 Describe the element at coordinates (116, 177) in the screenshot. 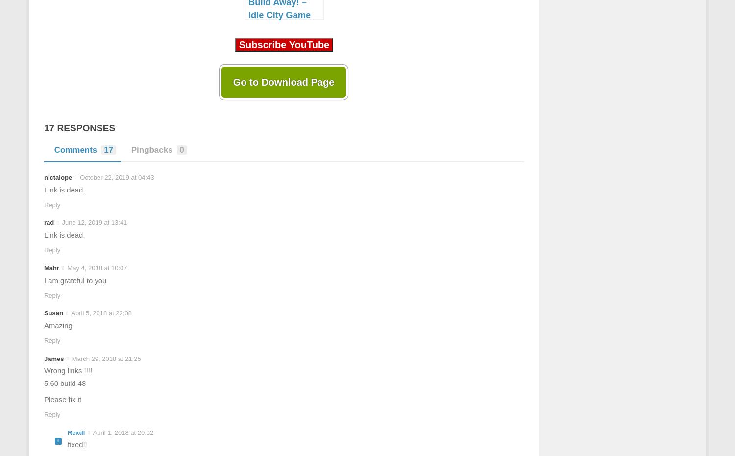

I see `'October 22, 2019 at 04:43'` at that location.